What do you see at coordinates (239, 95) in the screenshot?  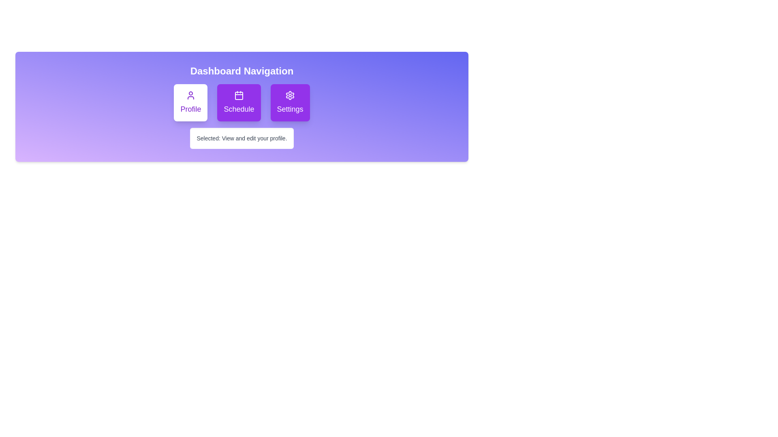 I see `the central square of the purple calendar icon located within the purple 'Schedule' button` at bounding box center [239, 95].